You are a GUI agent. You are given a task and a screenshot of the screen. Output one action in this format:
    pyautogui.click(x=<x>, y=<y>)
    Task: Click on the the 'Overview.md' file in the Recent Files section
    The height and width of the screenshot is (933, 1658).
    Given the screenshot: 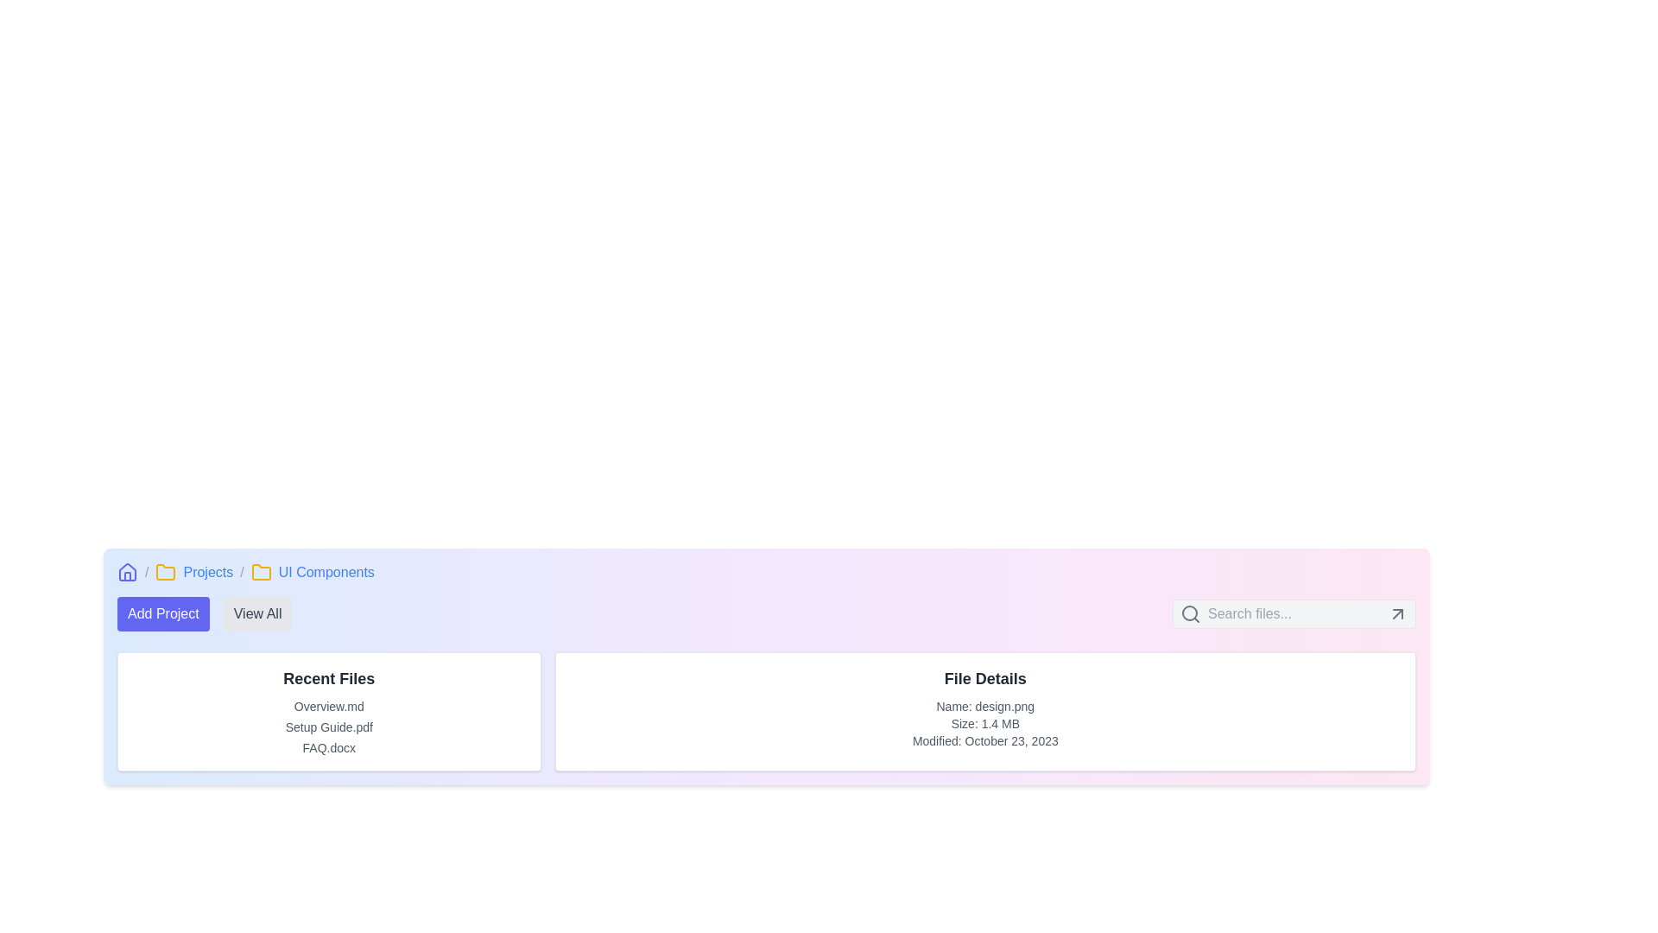 What is the action you would take?
    pyautogui.click(x=328, y=706)
    